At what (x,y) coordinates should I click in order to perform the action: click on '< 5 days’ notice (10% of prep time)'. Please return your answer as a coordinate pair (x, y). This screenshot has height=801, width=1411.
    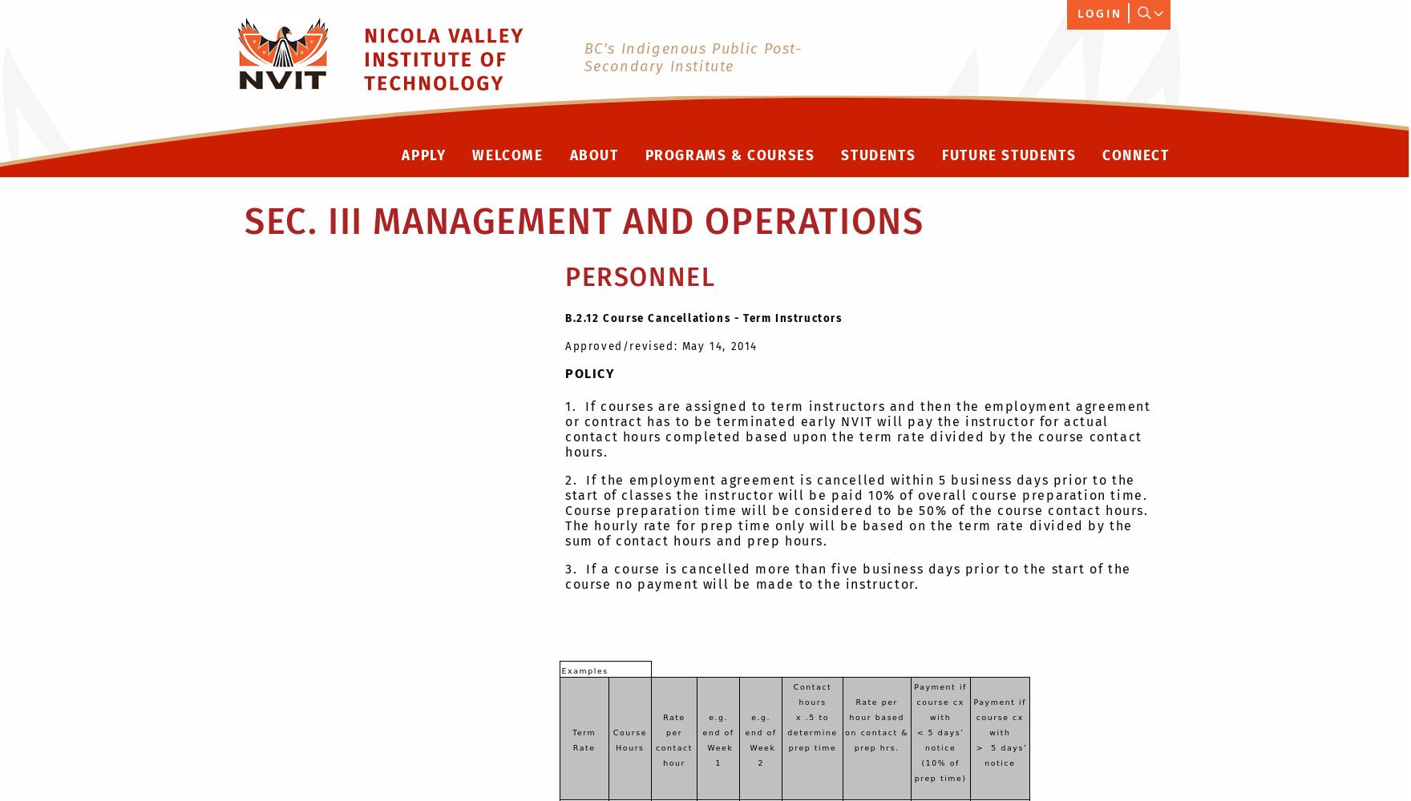
    Looking at the image, I should click on (939, 754).